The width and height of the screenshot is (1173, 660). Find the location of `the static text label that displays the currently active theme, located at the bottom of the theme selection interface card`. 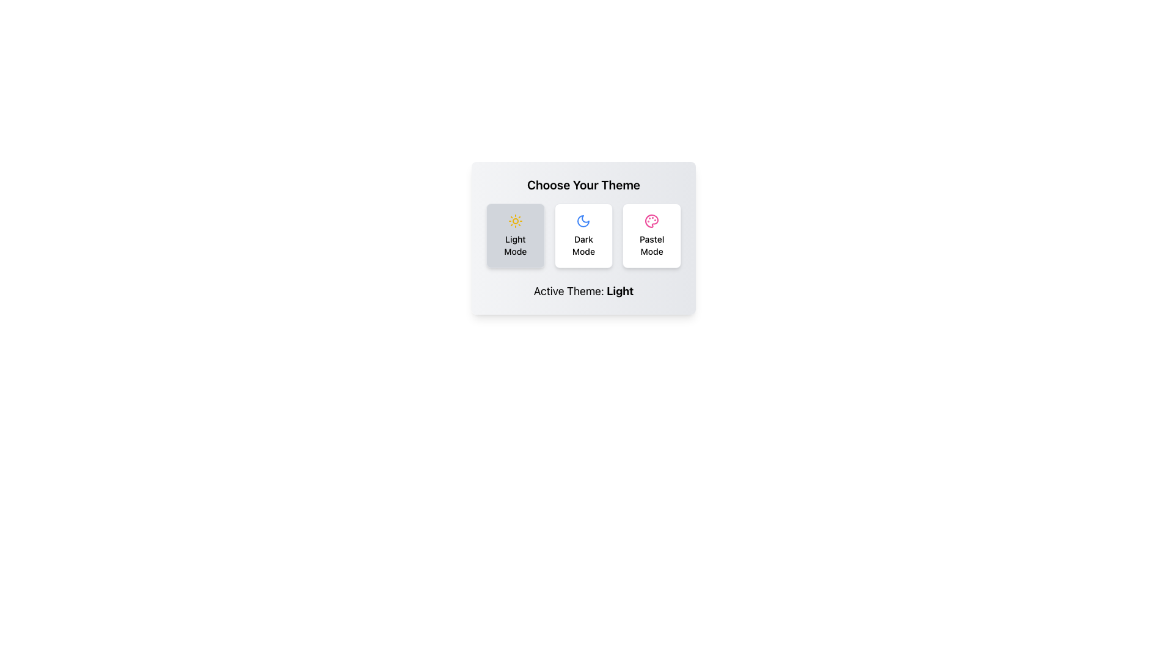

the static text label that displays the currently active theme, located at the bottom of the theme selection interface card is located at coordinates (583, 291).